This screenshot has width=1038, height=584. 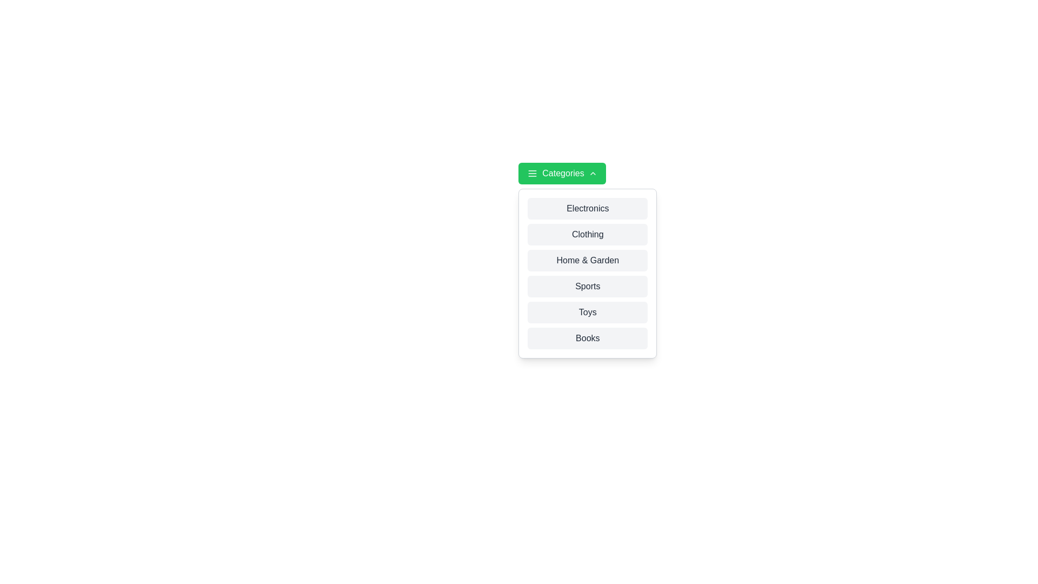 What do you see at coordinates (587, 273) in the screenshot?
I see `the specific category button in the dropdown menu located below the 'Categories' green button` at bounding box center [587, 273].